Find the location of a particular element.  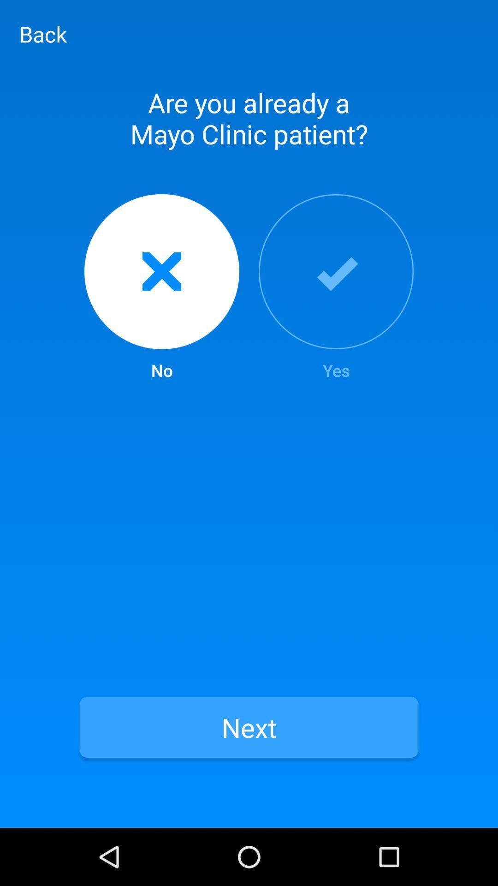

item above are you already item is located at coordinates (43, 34).